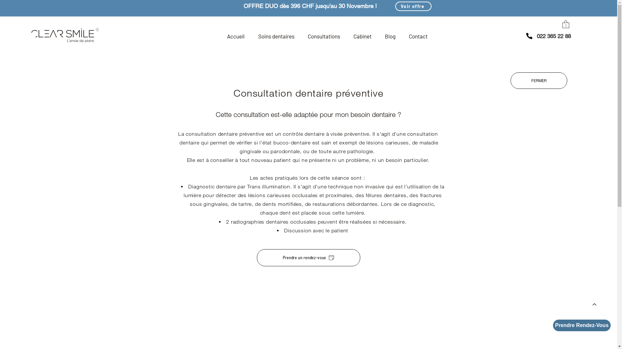  Describe the element at coordinates (390, 36) in the screenshot. I see `'Blog'` at that location.